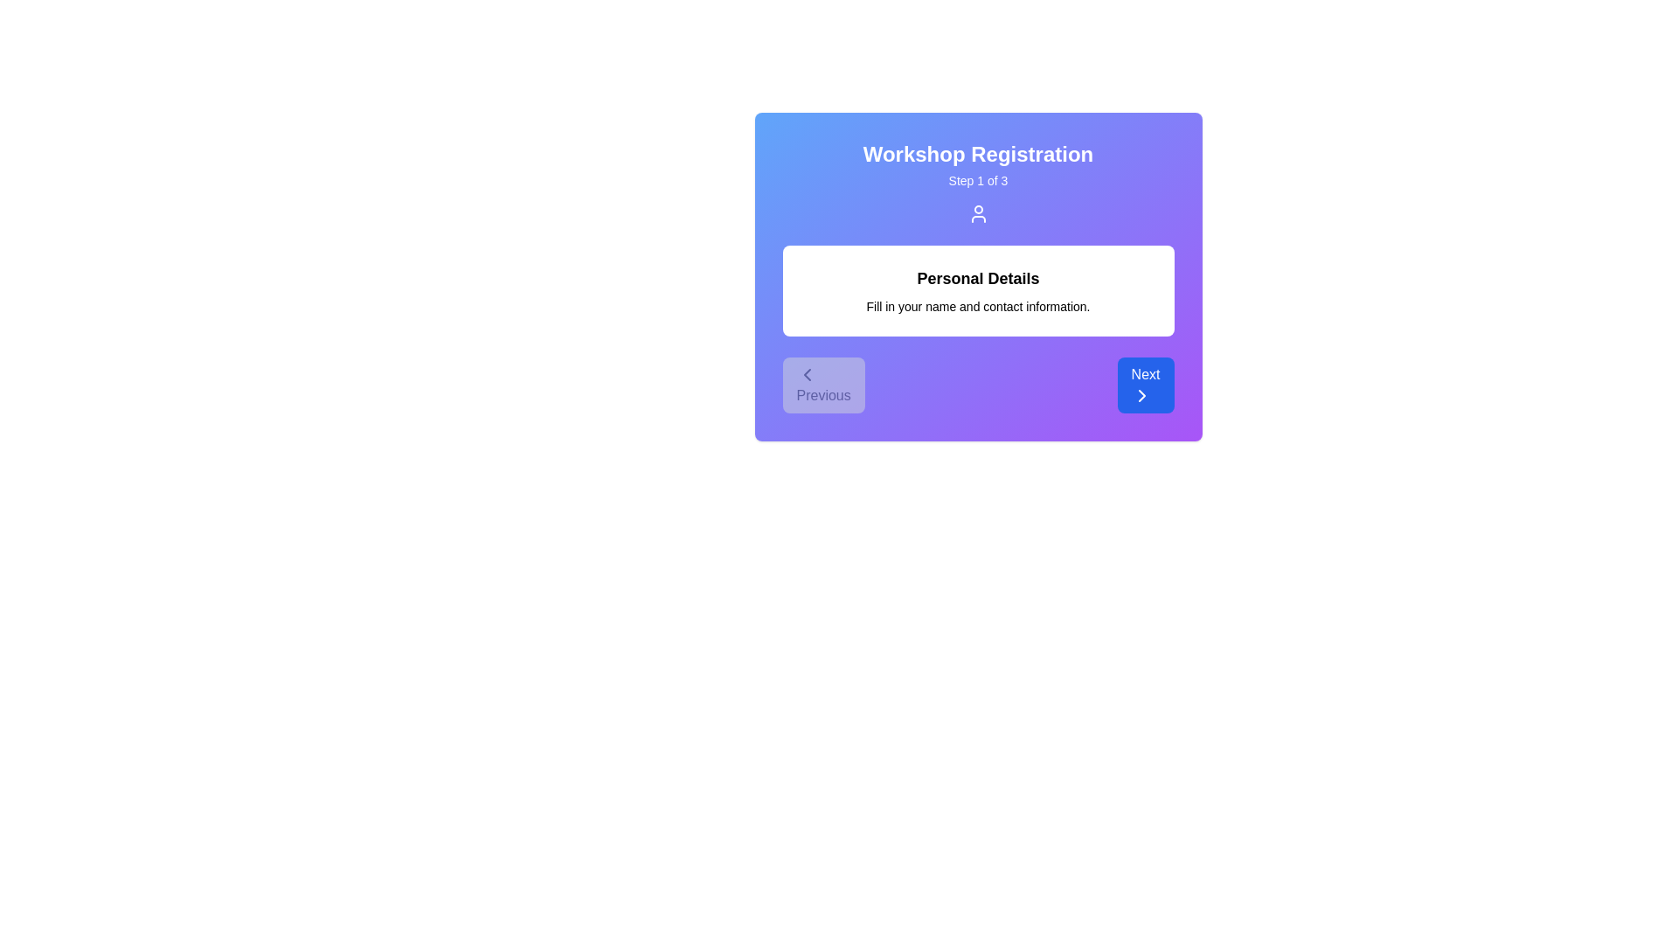  Describe the element at coordinates (806, 373) in the screenshot. I see `the Chevron or navigation arrow icon located inside the 'Previous' button at the bottom left of the registration form interface` at that location.